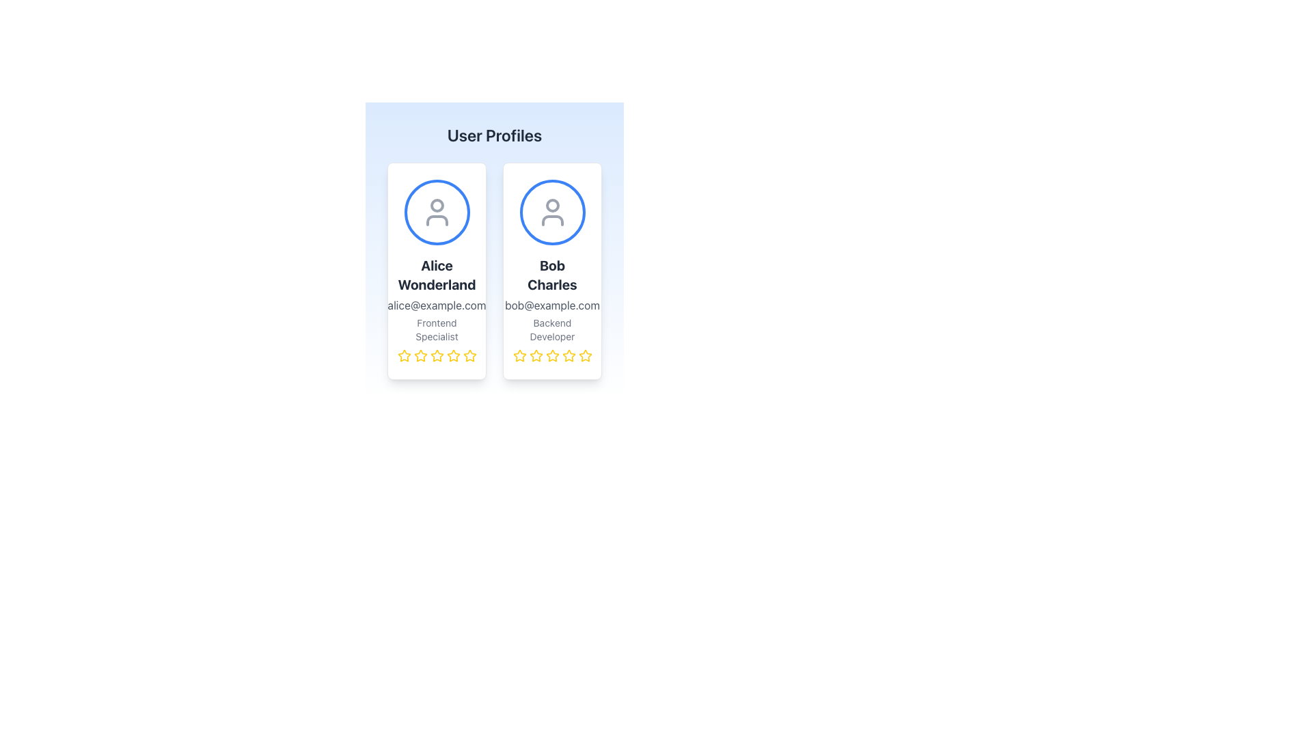 The height and width of the screenshot is (738, 1312). What do you see at coordinates (552, 305) in the screenshot?
I see `the email address text displayed in the user profile card for 'Bob Charles', which is located below the name and above the job title 'Backend Developer'` at bounding box center [552, 305].